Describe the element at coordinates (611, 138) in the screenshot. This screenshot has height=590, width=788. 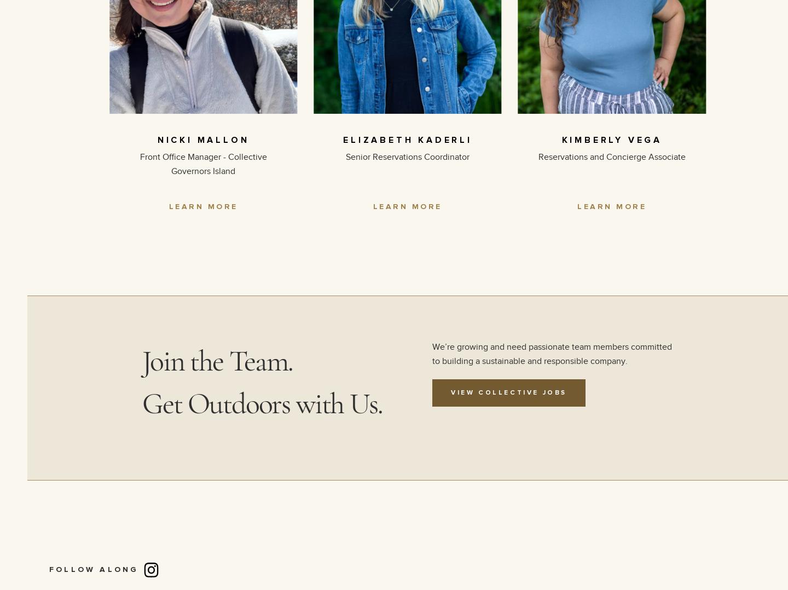
I see `'KIMBERLY VEGA'` at that location.